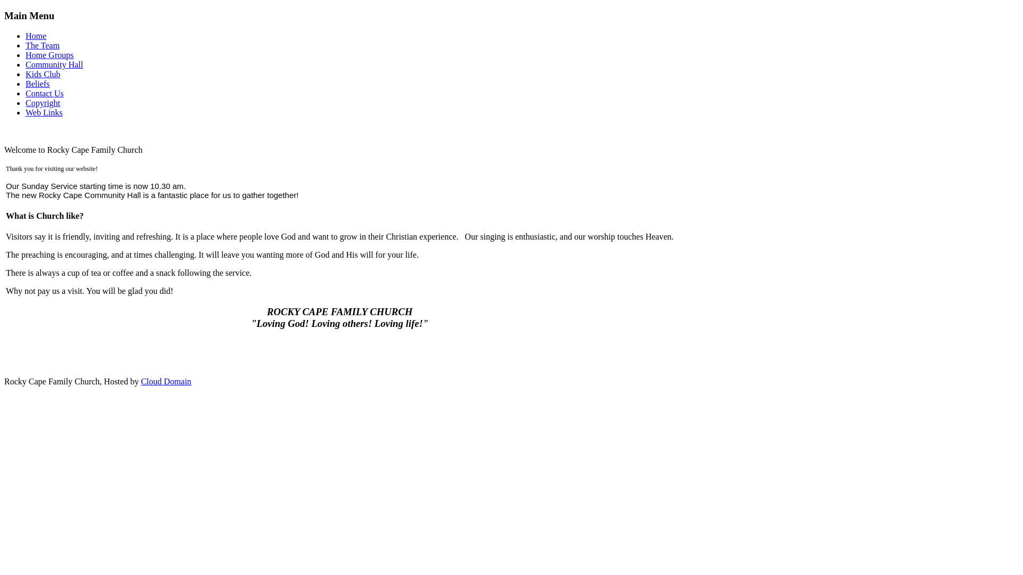 This screenshot has width=1023, height=575. What do you see at coordinates (53, 64) in the screenshot?
I see `'Community Hall'` at bounding box center [53, 64].